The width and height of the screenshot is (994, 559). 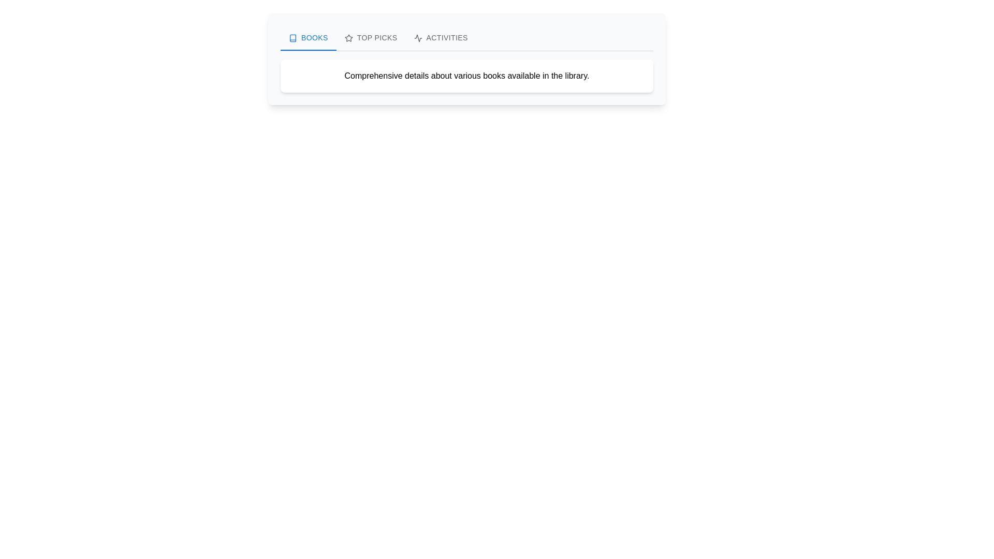 What do you see at coordinates (376, 37) in the screenshot?
I see `the 'Top Picks' label, which is a black text label positioned centrally at the top of the interface, adjacent to a star icon in a navigation bar` at bounding box center [376, 37].